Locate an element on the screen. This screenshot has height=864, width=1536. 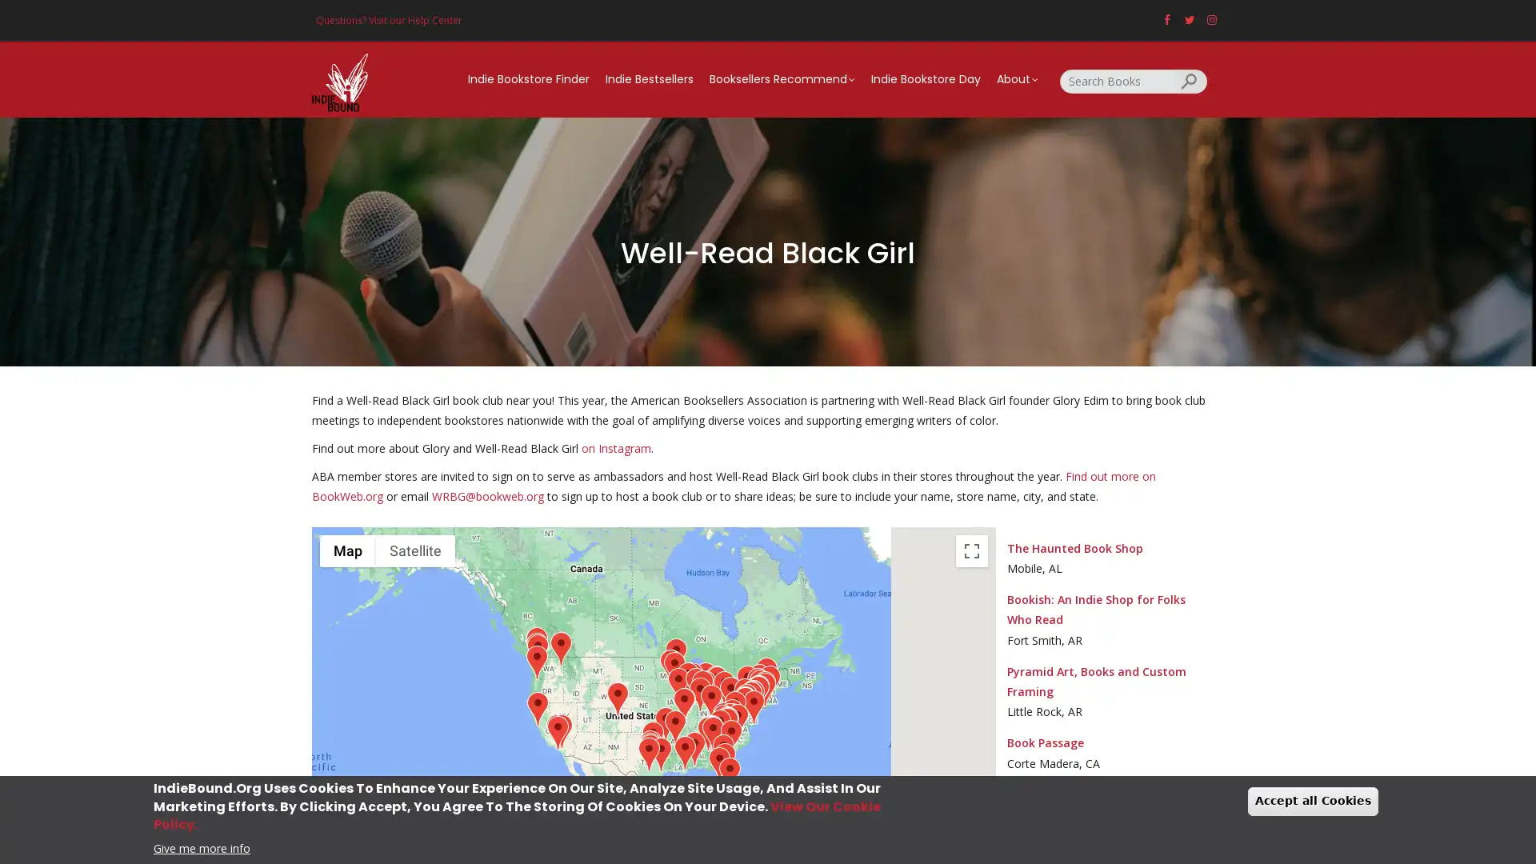
Pyramid Art, Books and Custom Framing is located at coordinates (674, 726).